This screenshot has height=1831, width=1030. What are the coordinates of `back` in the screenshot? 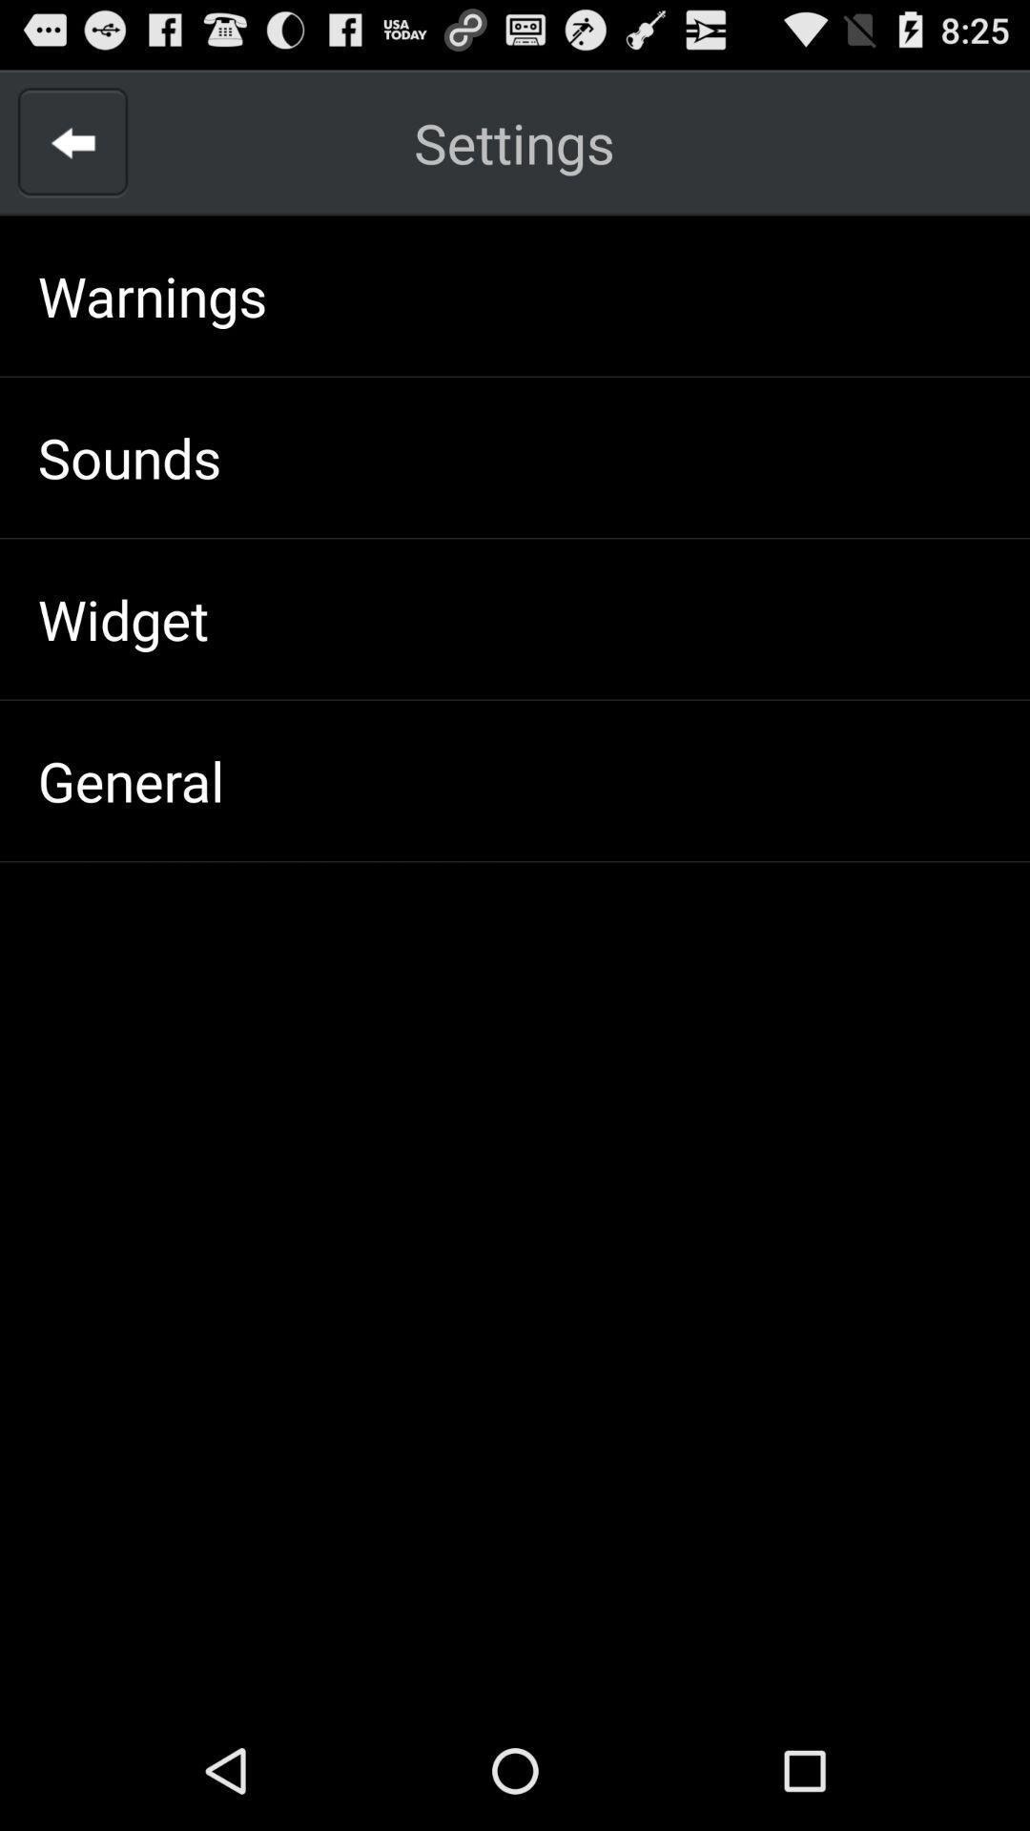 It's located at (72, 141).